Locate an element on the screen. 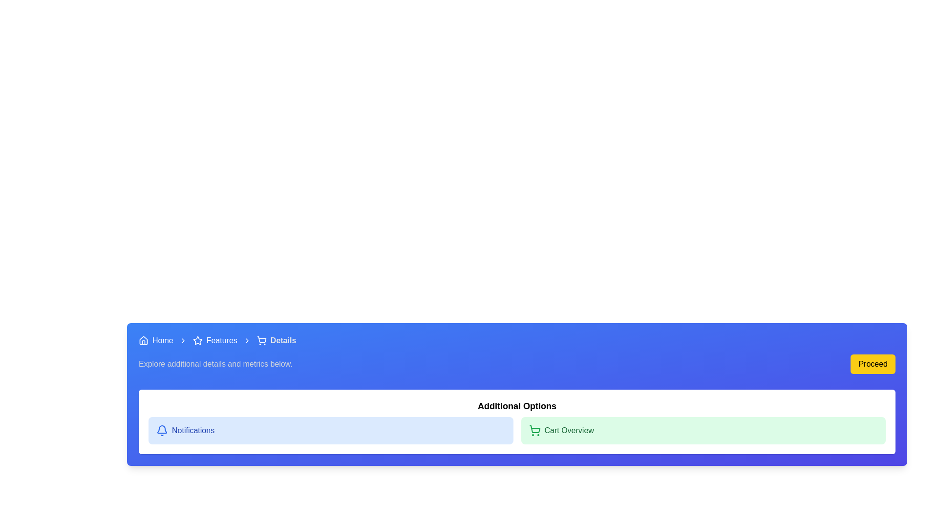 The image size is (938, 528). the 'Features' hyperlink text, which is part of the breadcrumb navigation and is displayed in bold white font against a blue background is located at coordinates (221, 340).